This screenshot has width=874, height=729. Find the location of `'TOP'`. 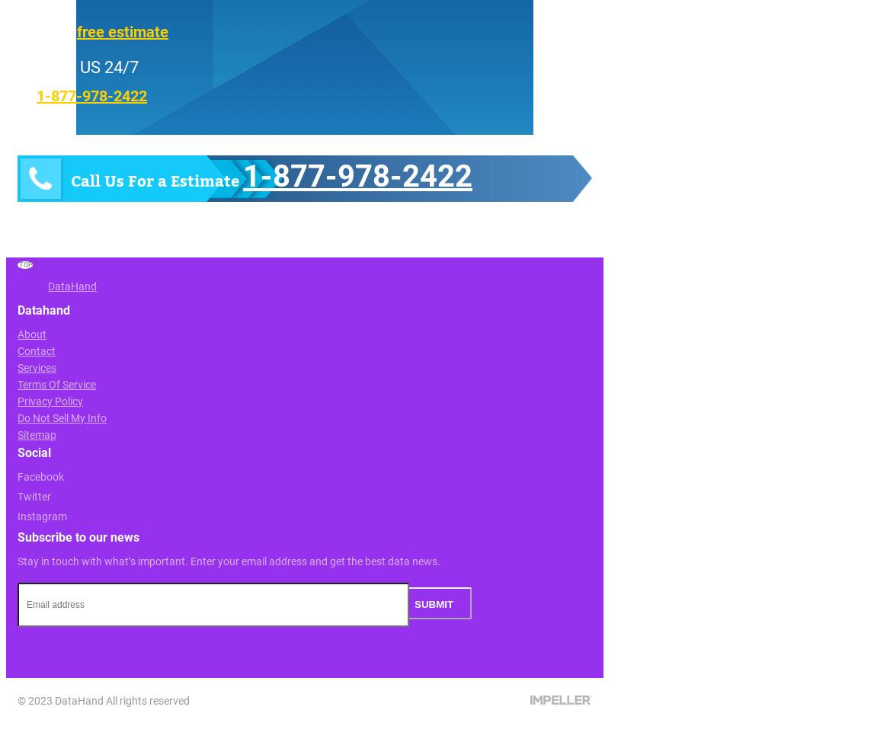

'TOP' is located at coordinates (25, 264).